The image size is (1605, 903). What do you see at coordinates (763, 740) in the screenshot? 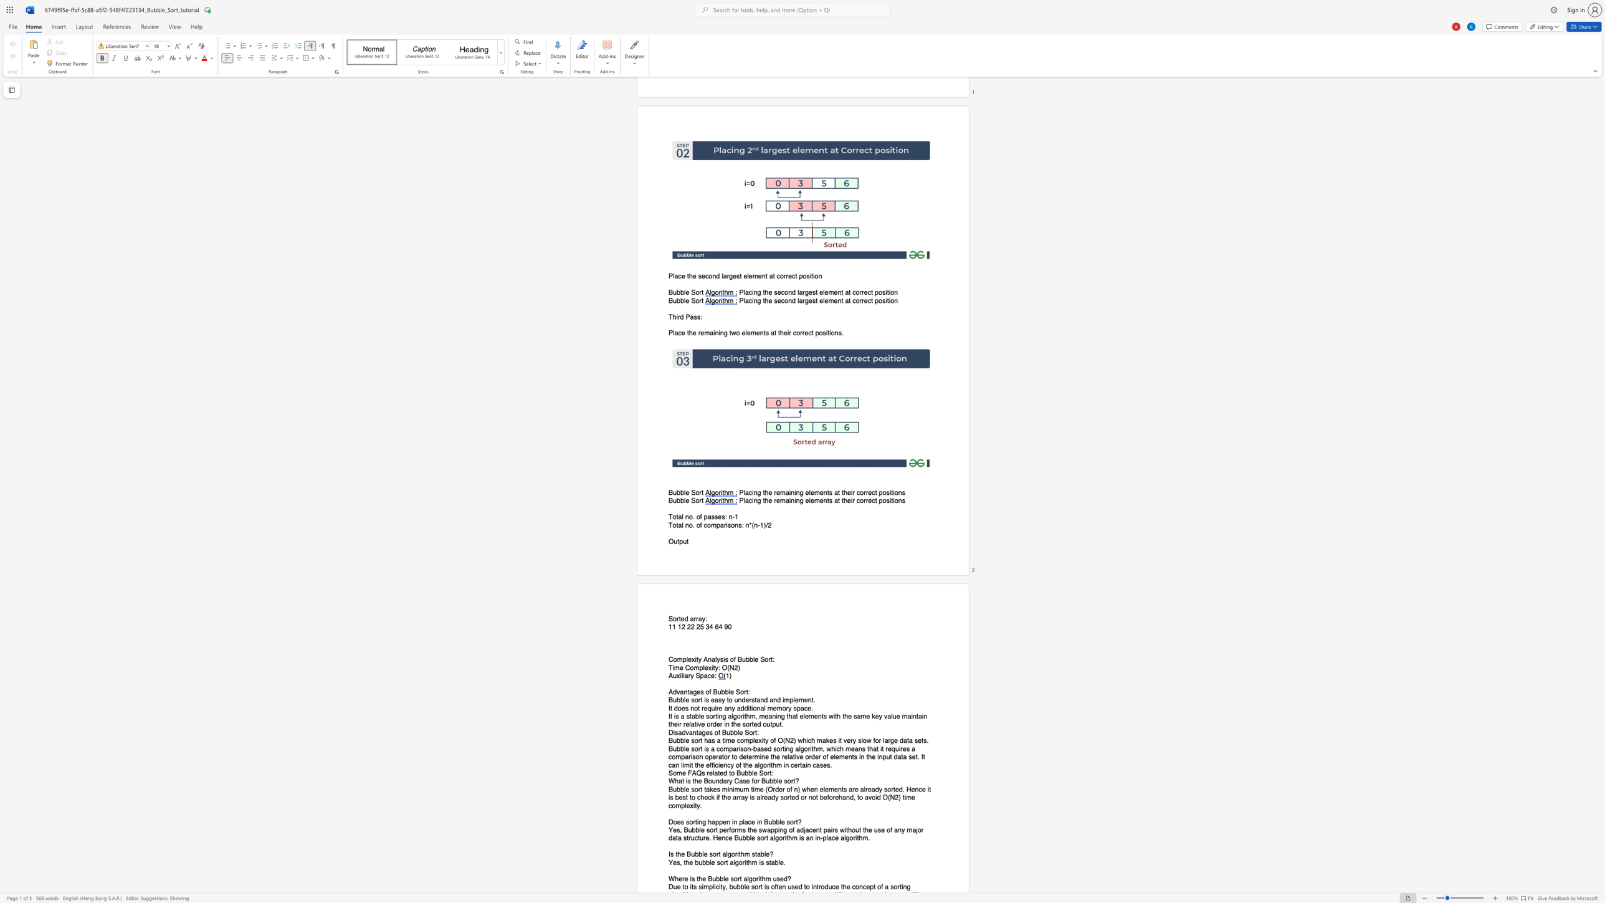
I see `the subset text "ty of O(N2" within the text "Bubble sort has a time complexity of O(N2) which makes it"` at bounding box center [763, 740].